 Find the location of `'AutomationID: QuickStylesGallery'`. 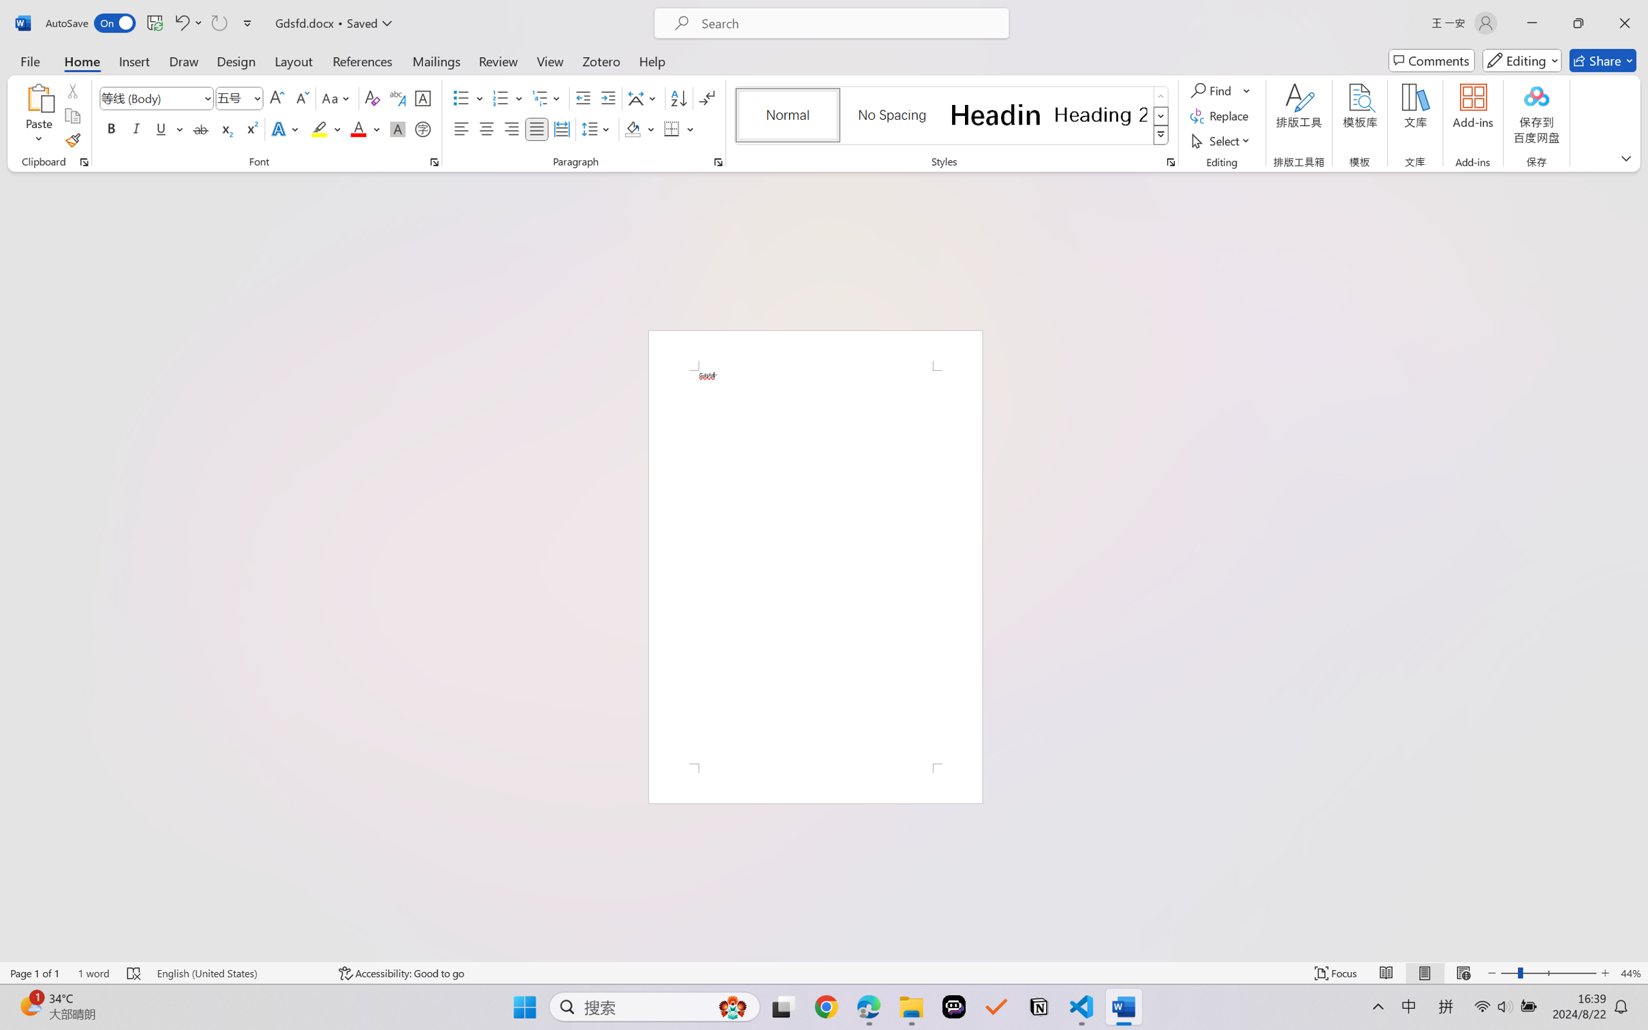

'AutomationID: QuickStylesGallery' is located at coordinates (951, 116).